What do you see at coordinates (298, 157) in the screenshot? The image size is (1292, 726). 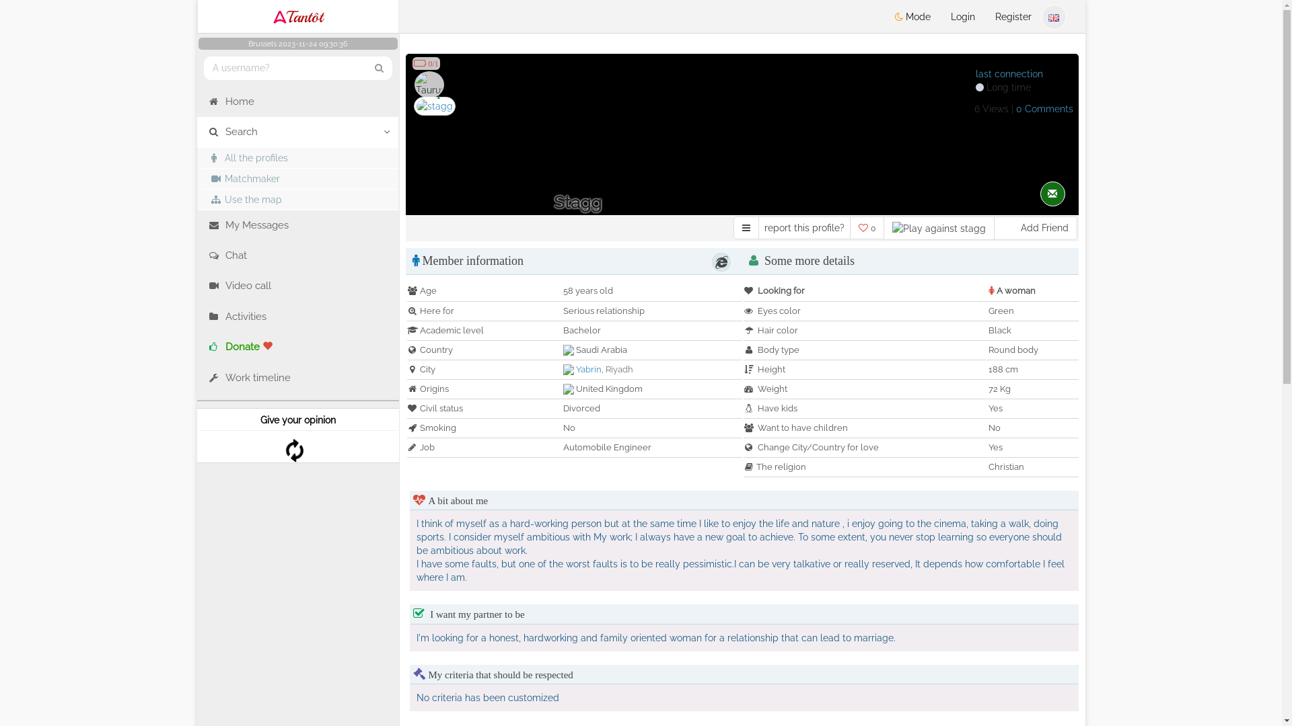 I see `'All the profiles'` at bounding box center [298, 157].